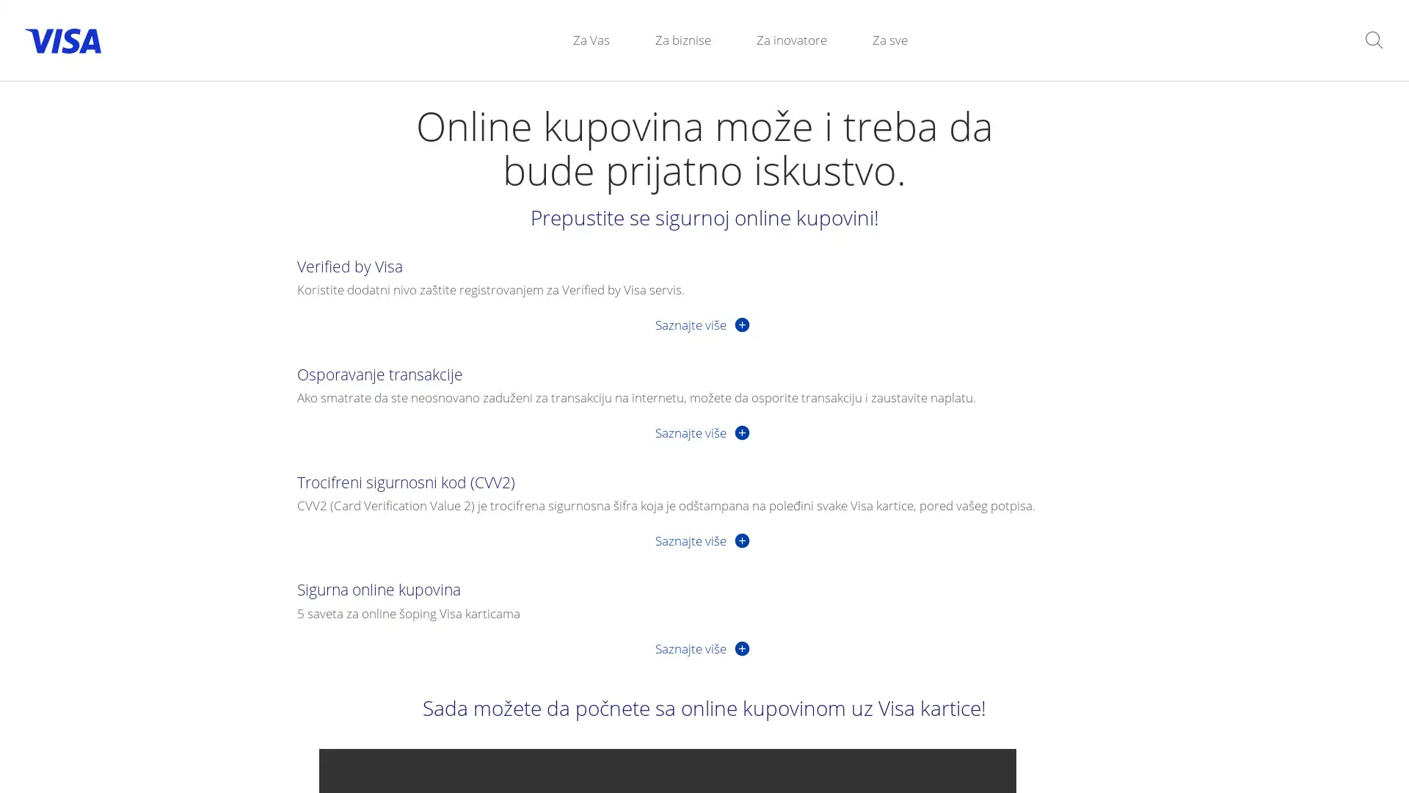 This screenshot has height=793, width=1409. What do you see at coordinates (703, 540) in the screenshot?
I see `Saznajte vise` at bounding box center [703, 540].